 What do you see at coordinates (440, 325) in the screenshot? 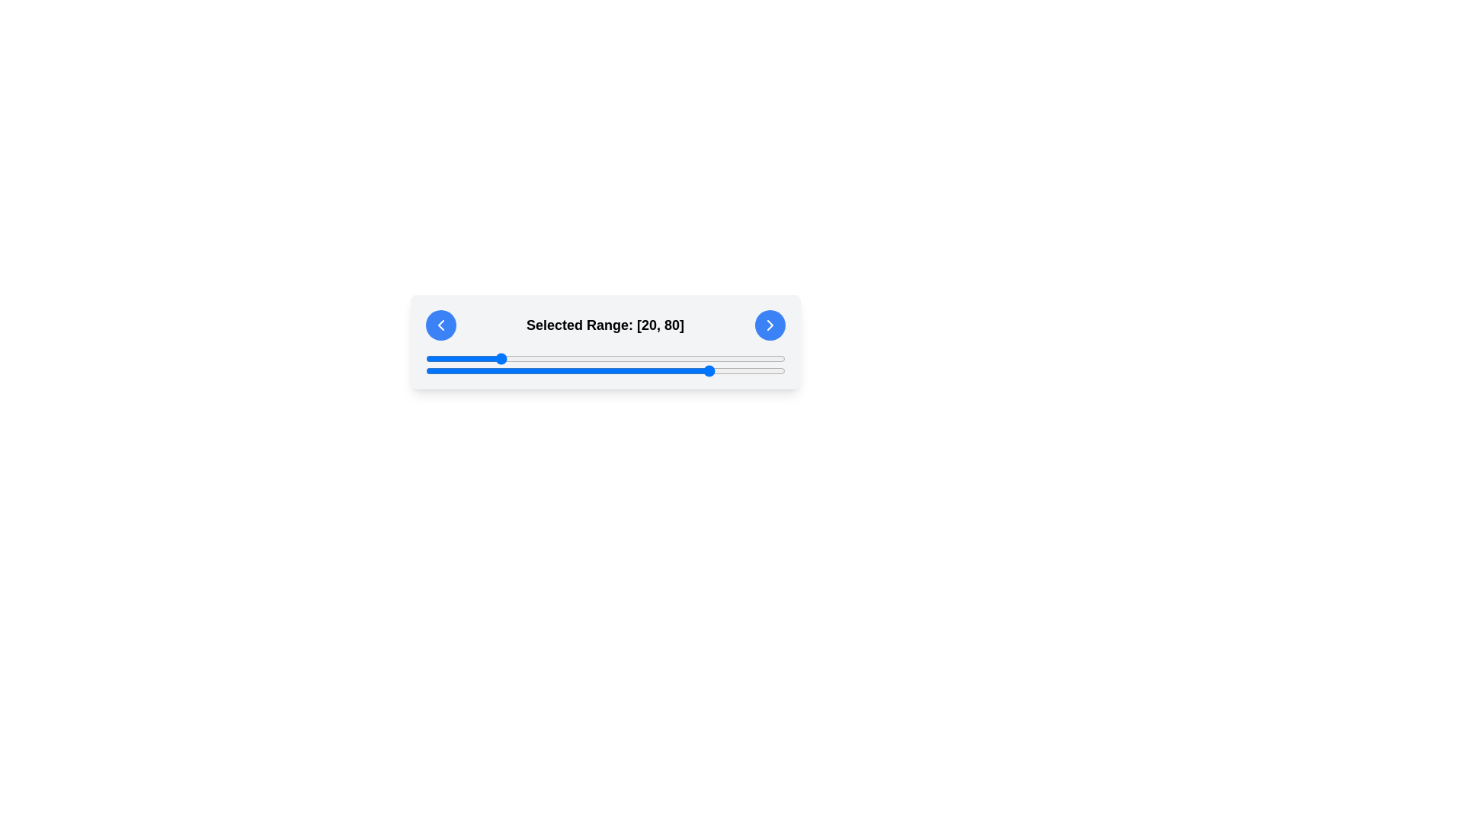
I see `the left-pointing chevron icon within the circular button` at bounding box center [440, 325].